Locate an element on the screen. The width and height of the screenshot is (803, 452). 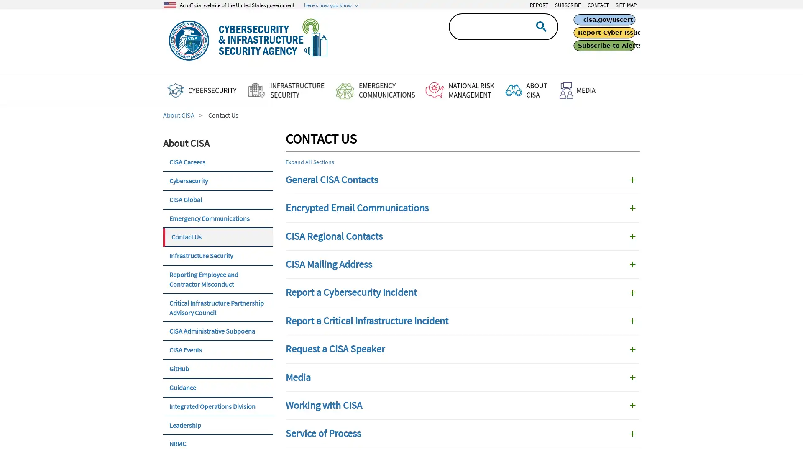
search is located at coordinates (540, 25).